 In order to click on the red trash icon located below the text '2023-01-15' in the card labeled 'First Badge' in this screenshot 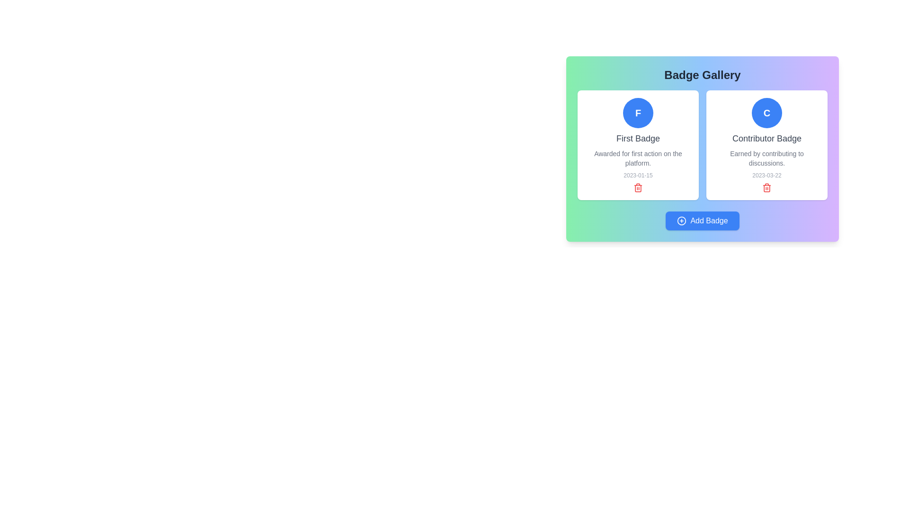, I will do `click(638, 188)`.